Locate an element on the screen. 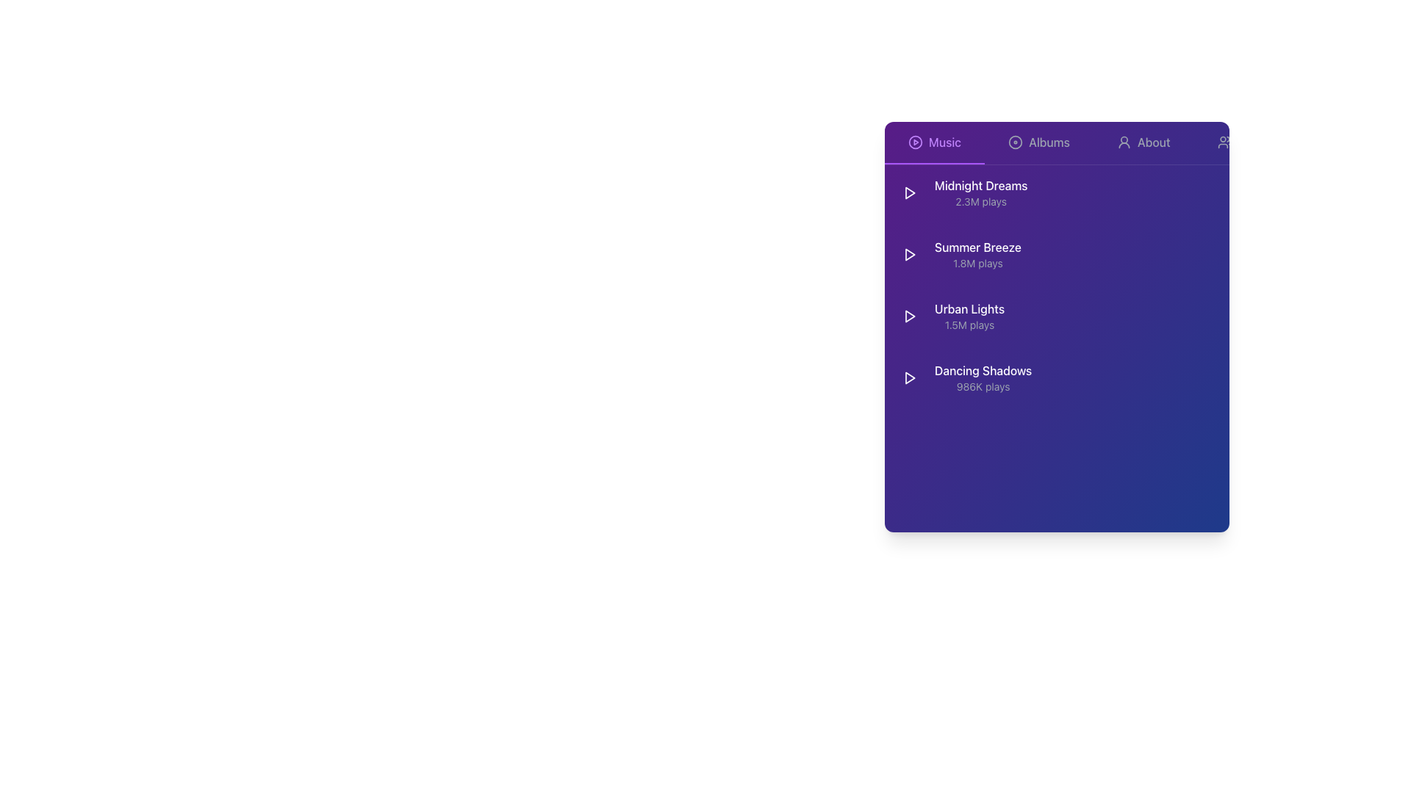 The width and height of the screenshot is (1411, 793). the text block displaying the title 'Urban Lights' is located at coordinates (950, 316).